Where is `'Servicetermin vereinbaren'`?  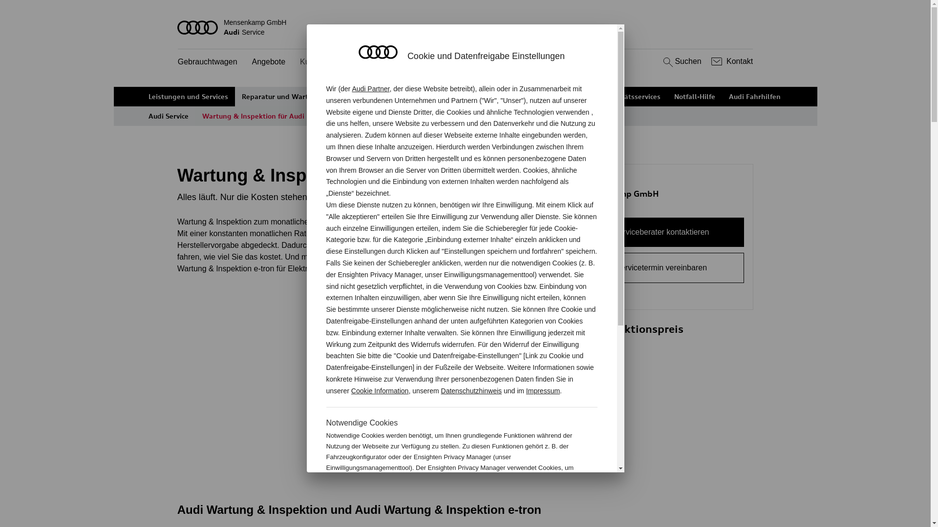
'Servicetermin vereinbaren' is located at coordinates (661, 267).